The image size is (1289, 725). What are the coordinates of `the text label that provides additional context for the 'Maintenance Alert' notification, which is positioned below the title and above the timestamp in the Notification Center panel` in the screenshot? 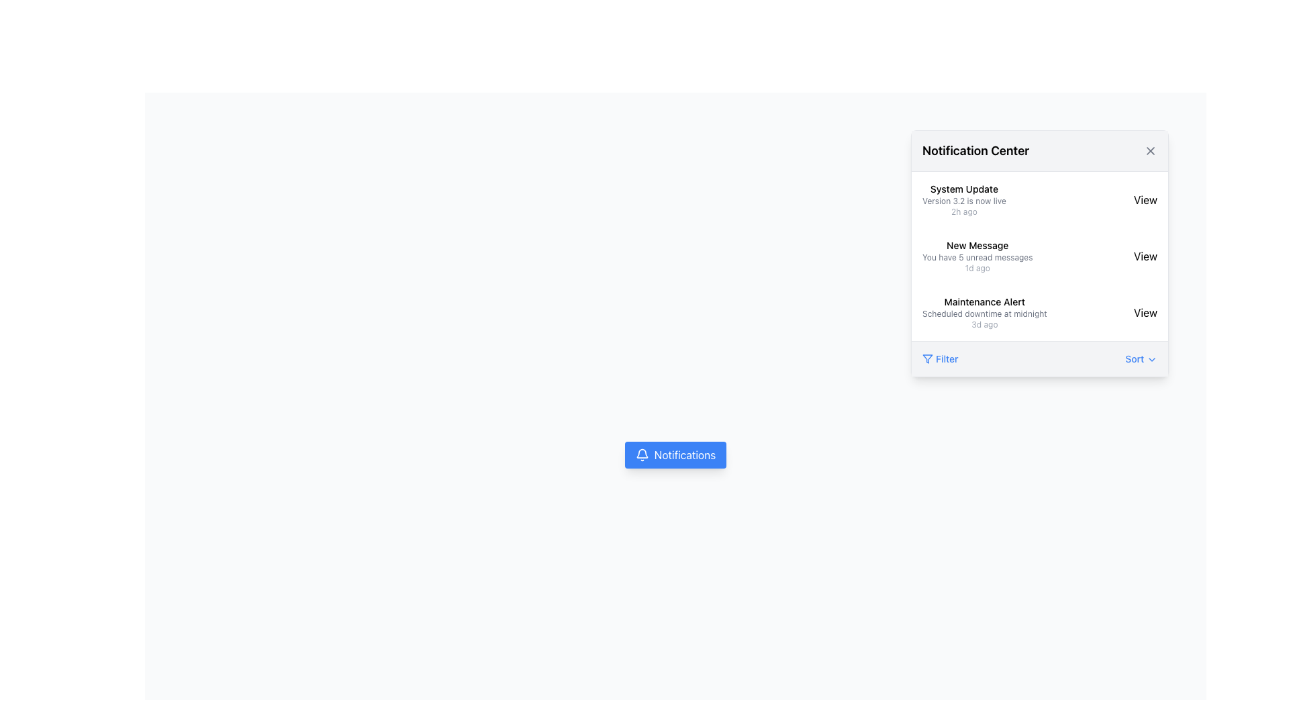 It's located at (984, 313).